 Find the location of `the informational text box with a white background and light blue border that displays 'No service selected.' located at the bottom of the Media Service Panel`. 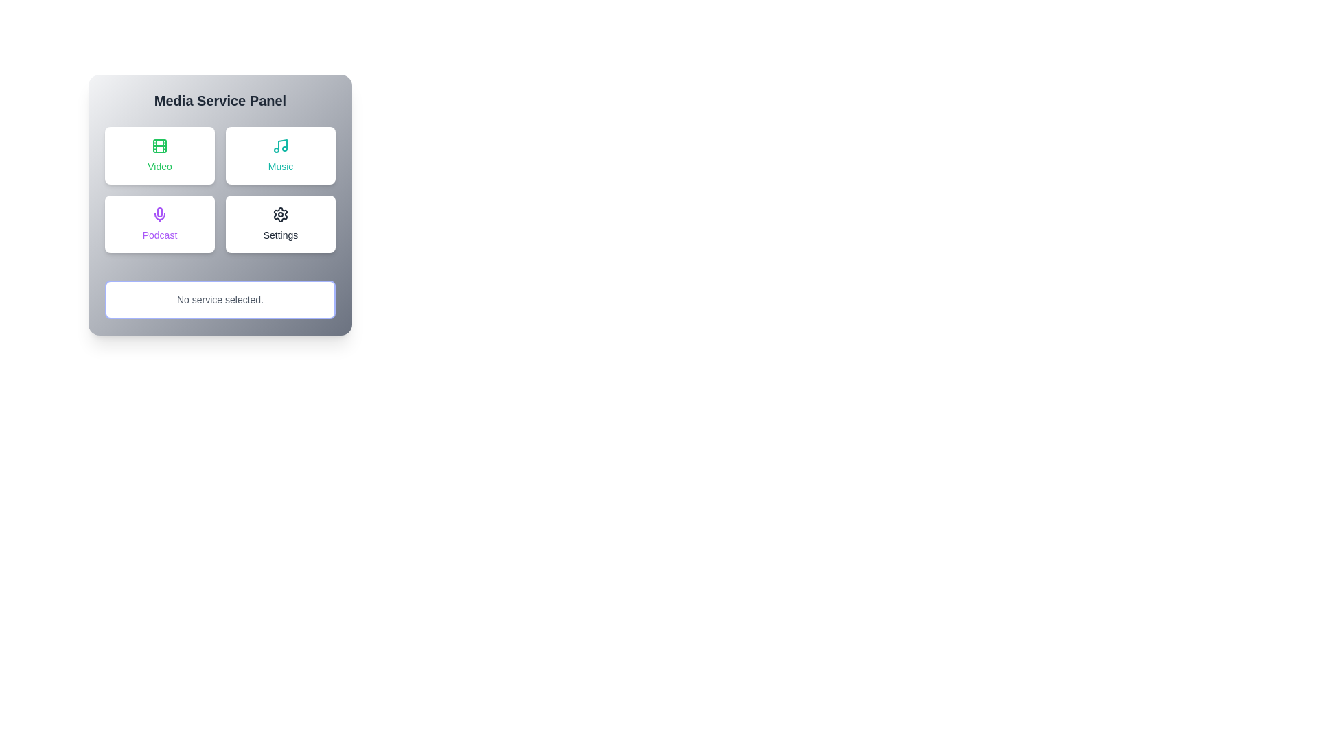

the informational text box with a white background and light blue border that displays 'No service selected.' located at the bottom of the Media Service Panel is located at coordinates (220, 298).